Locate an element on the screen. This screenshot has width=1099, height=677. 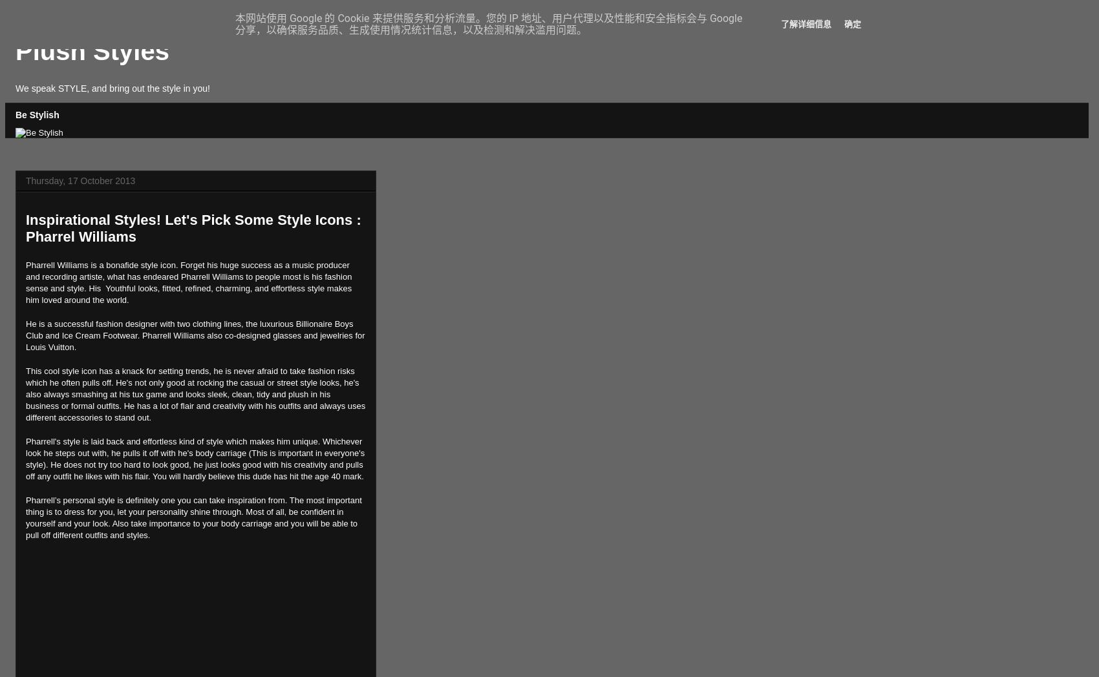
'Inspirational Styles! Let's Pick Some Style Icons : Pharrel Williams' is located at coordinates (193, 227).